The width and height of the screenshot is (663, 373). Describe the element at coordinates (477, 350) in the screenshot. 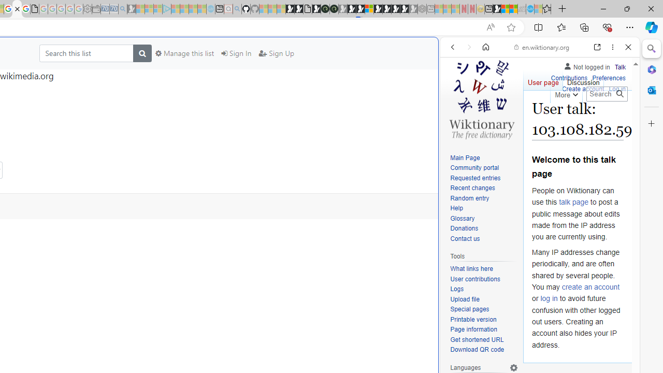

I see `'Download QR code'` at that location.